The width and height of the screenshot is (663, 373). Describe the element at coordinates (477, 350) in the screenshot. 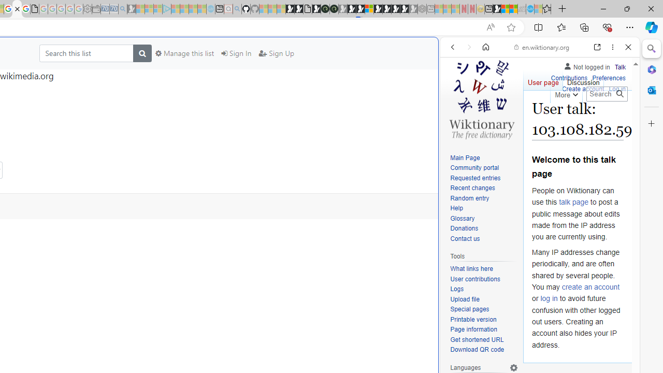

I see `'Download QR code'` at that location.